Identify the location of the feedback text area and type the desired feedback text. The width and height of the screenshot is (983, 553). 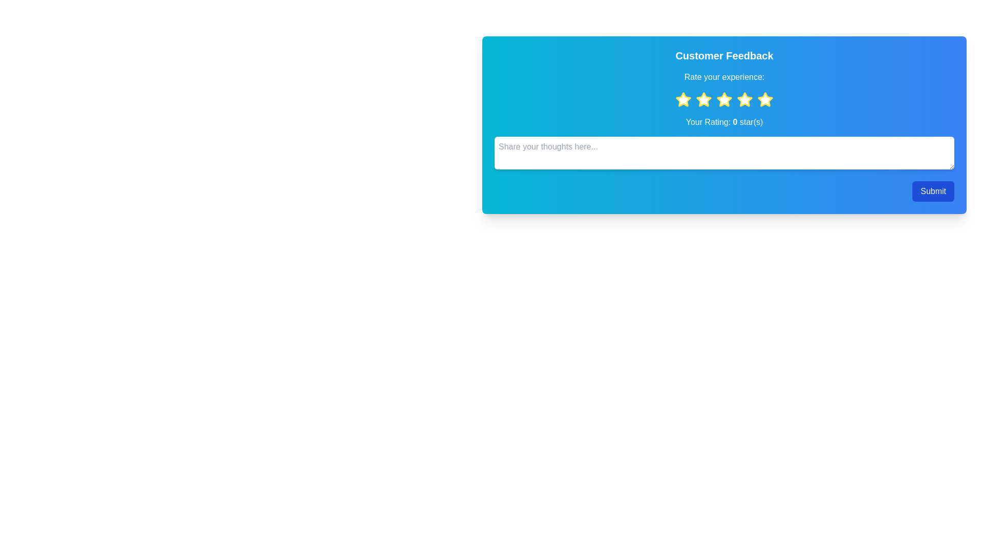
(724, 153).